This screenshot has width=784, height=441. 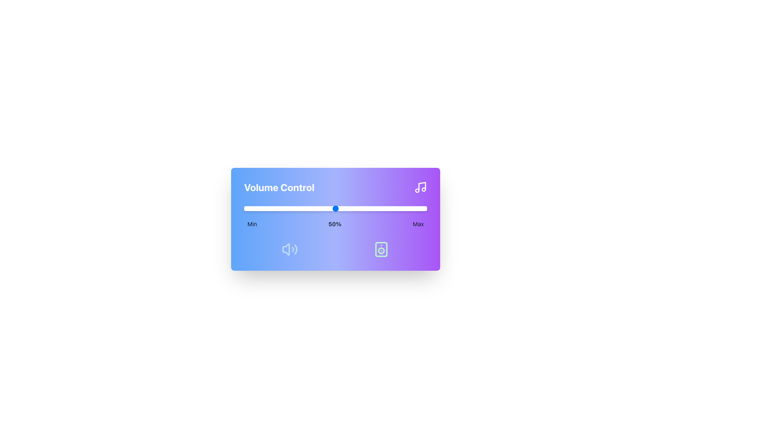 What do you see at coordinates (357, 208) in the screenshot?
I see `the slider` at bounding box center [357, 208].